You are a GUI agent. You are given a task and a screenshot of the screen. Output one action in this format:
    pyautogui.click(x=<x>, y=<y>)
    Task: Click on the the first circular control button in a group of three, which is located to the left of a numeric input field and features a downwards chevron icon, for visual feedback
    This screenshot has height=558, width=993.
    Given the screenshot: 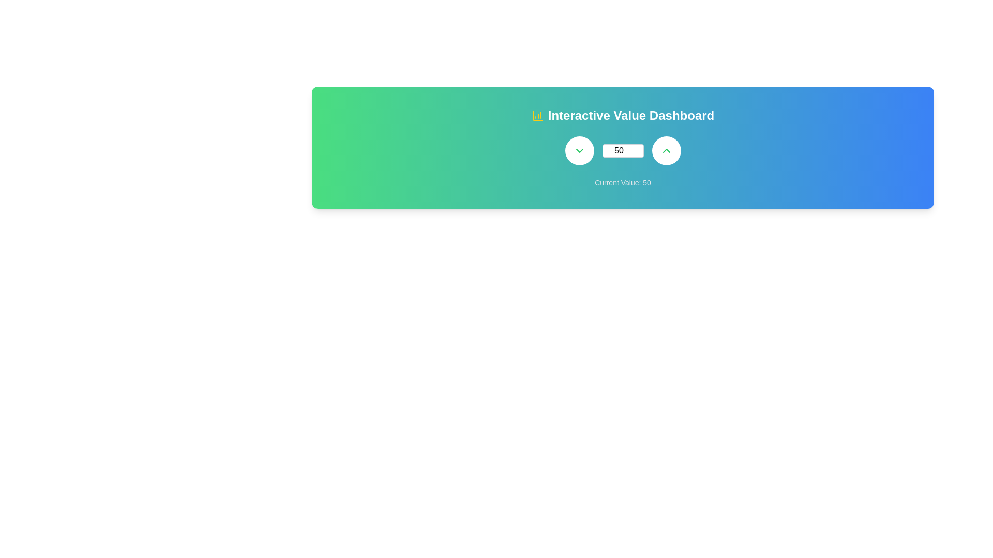 What is the action you would take?
    pyautogui.click(x=579, y=151)
    